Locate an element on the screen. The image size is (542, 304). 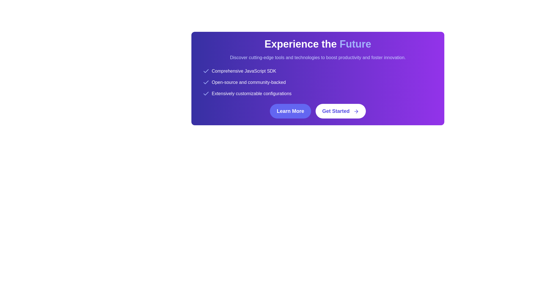
the List with icons that contains three textual items each with a checkmark icon, located below the heading 'Experience the Future' is located at coordinates (318, 82).